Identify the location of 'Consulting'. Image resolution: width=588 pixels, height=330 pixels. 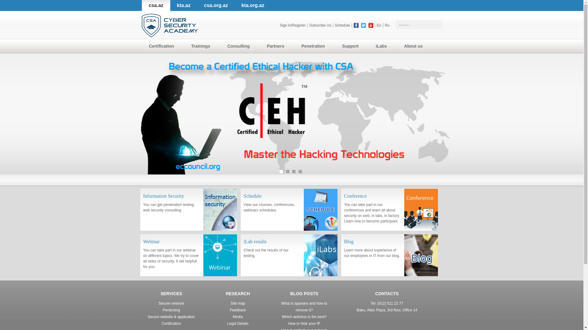
(239, 46).